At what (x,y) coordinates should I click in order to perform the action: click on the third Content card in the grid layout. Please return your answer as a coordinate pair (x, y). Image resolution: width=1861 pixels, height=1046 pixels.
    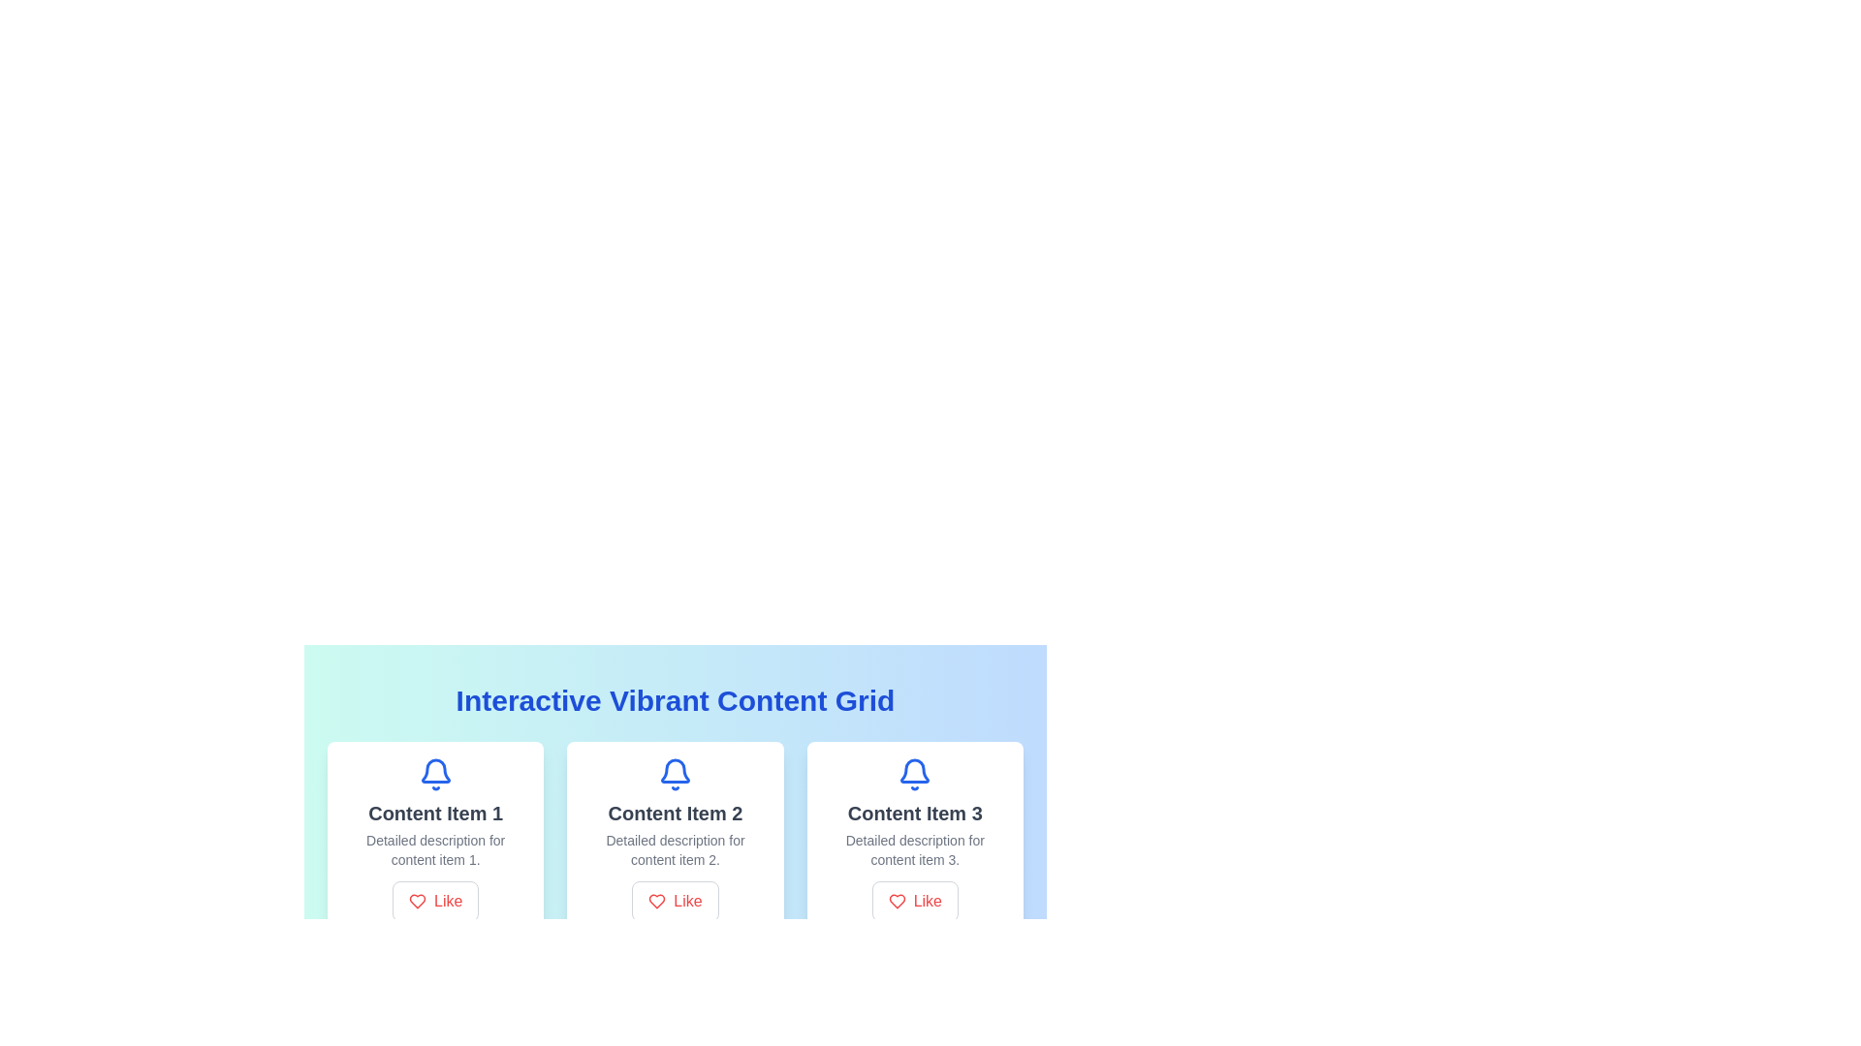
    Looking at the image, I should click on (914, 839).